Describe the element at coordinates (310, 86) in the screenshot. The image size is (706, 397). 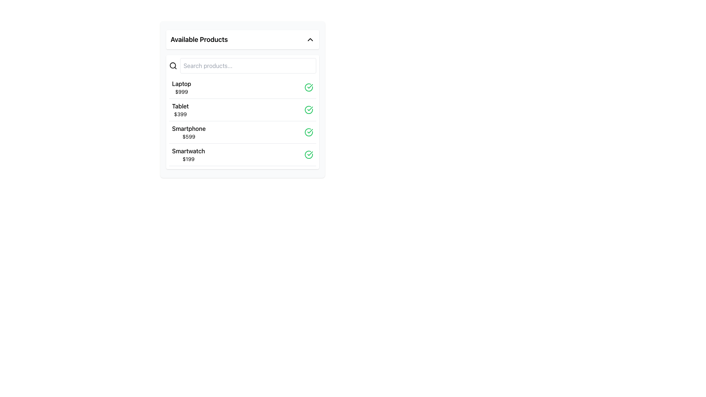
I see `the green checkmark icon located next to the 'Tablet $399' text in the product list` at that location.